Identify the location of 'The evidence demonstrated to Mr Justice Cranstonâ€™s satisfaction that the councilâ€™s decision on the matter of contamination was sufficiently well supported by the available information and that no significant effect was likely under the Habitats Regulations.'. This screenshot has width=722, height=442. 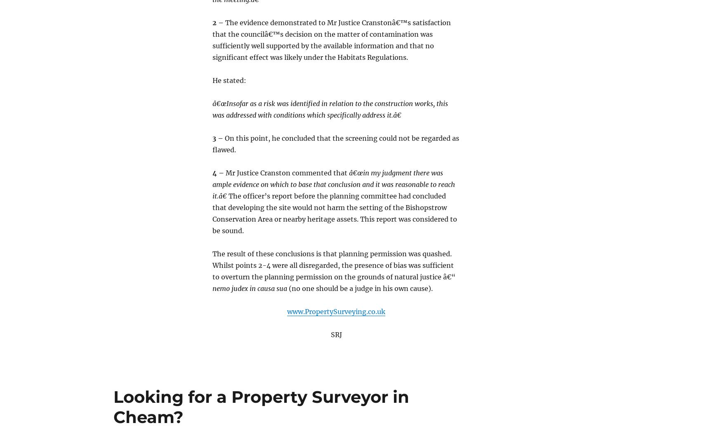
(331, 39).